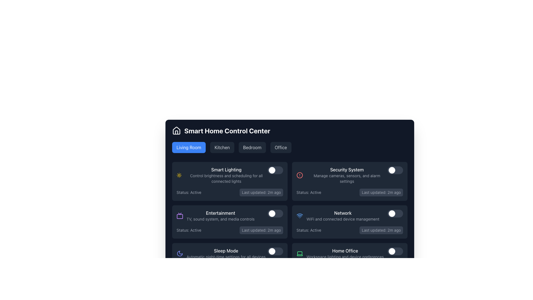 The height and width of the screenshot is (300, 533). What do you see at coordinates (345, 257) in the screenshot?
I see `the static text element providing descriptive information about the 'Home Office' section, positioned directly below the 'Home Office' header text` at bounding box center [345, 257].